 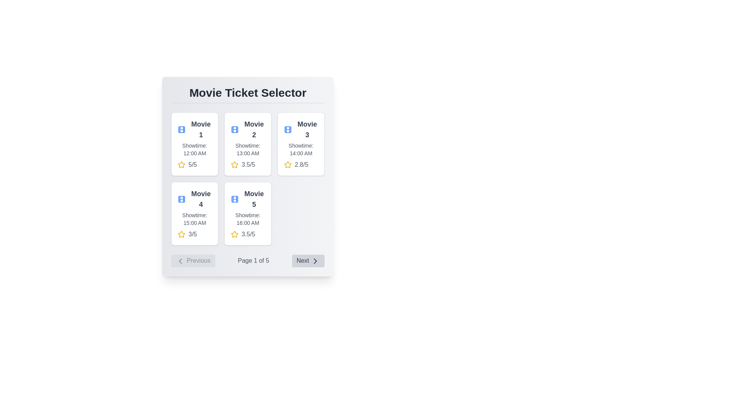 I want to click on the decorative rating indicator consisting of a yellow star icon and the text '5/5' located in the card for 'Movie 1' below the 'Showtime: 12:00 AM' text, so click(x=195, y=164).